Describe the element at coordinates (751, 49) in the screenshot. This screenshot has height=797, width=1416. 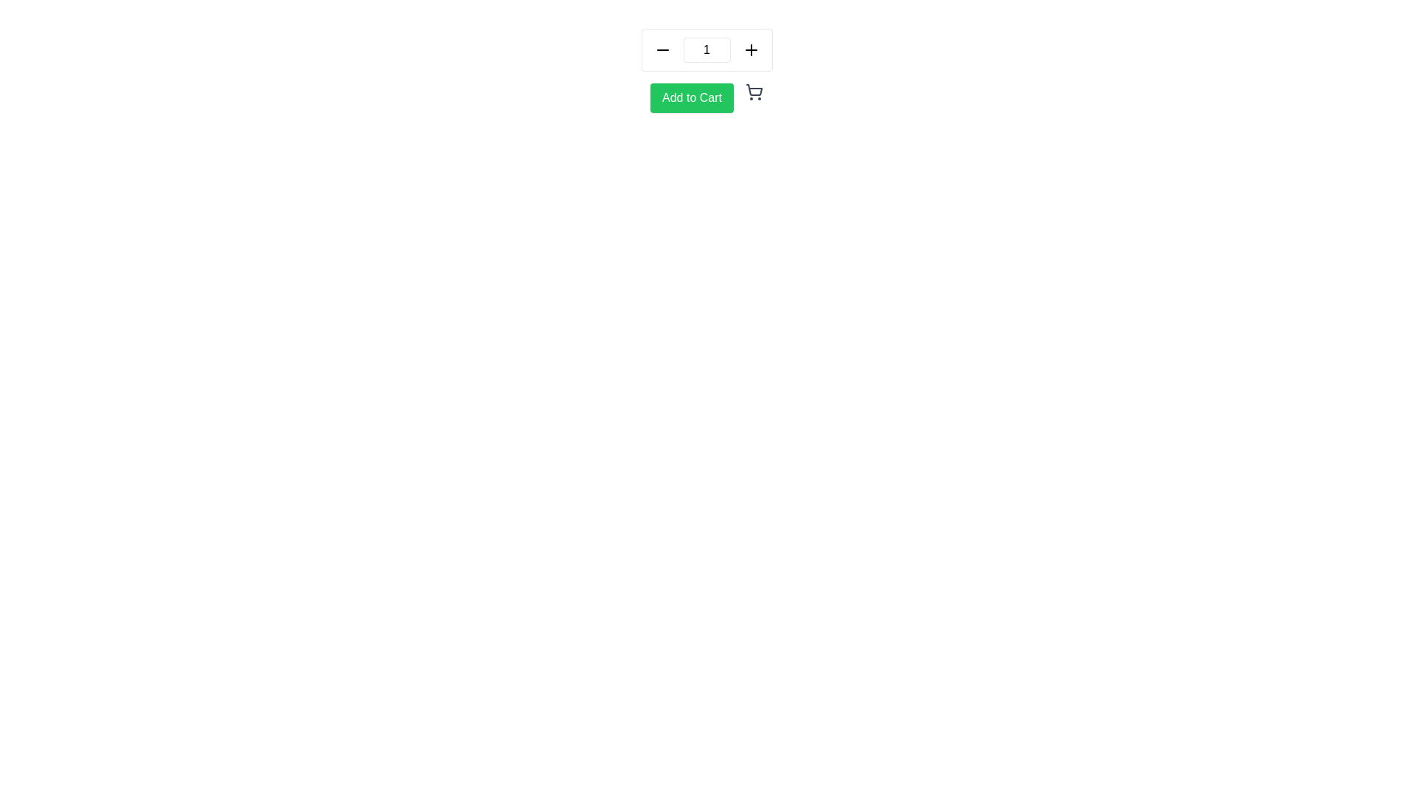
I see `the increment button located to the right of the text input displaying the number '1' to increase the value in the adjacent input field` at that location.